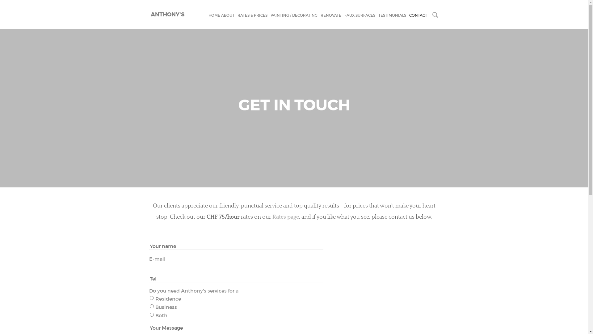 The width and height of the screenshot is (593, 334). I want to click on 'Rates page', so click(272, 217).